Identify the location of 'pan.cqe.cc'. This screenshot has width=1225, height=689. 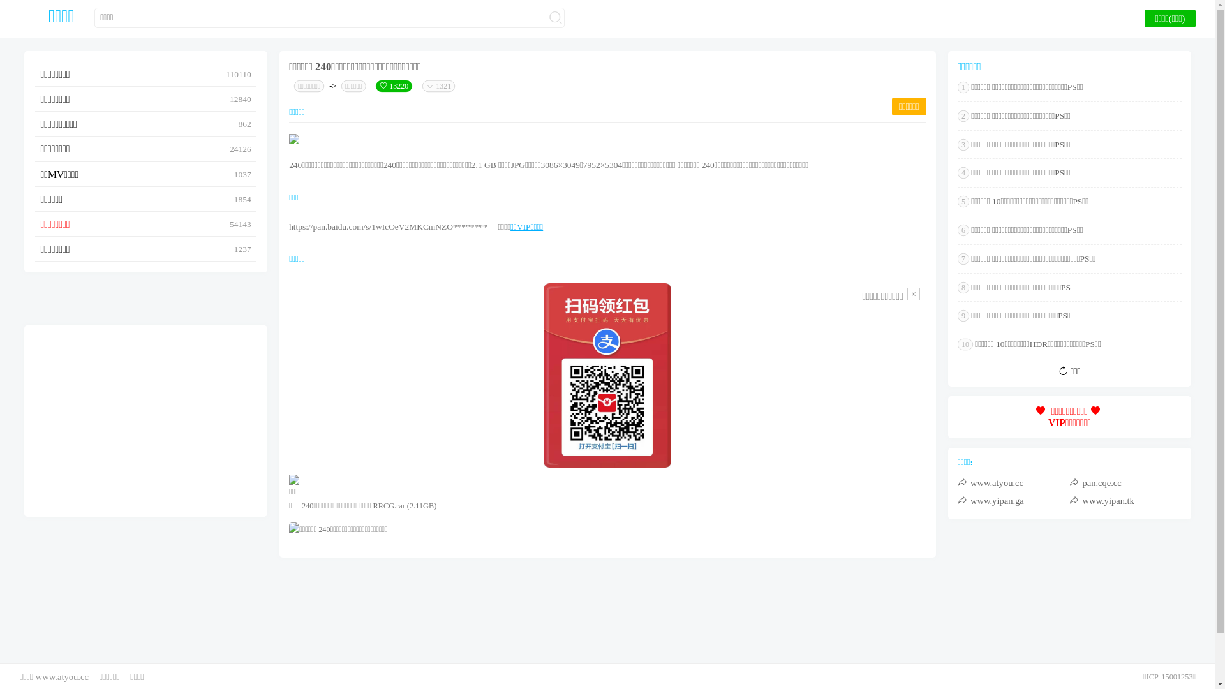
(1125, 482).